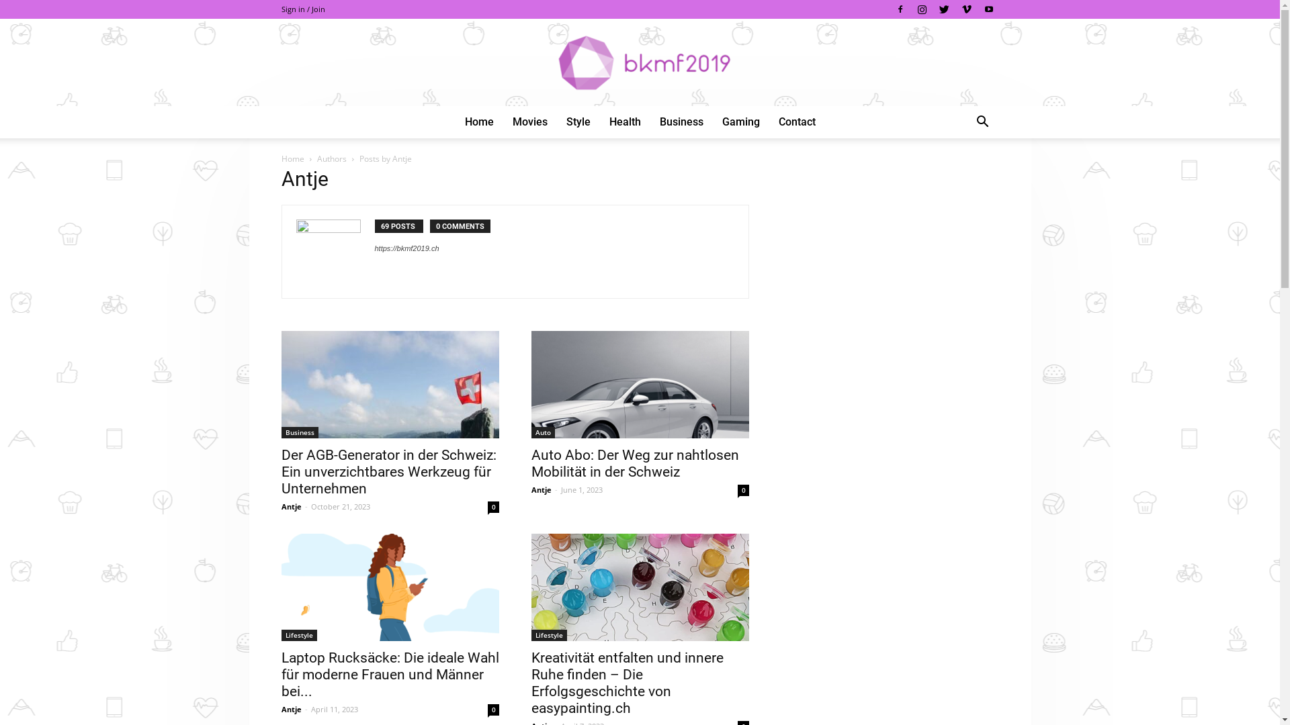 Image resolution: width=1290 pixels, height=725 pixels. Describe the element at coordinates (279, 634) in the screenshot. I see `'Lifestyle'` at that location.